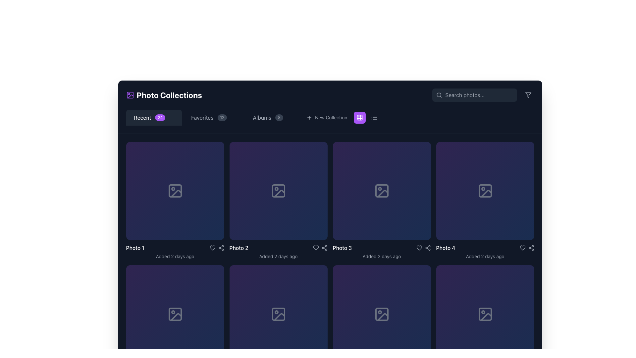  I want to click on information displayed in the Metadata component labeled 'Photo 3' which shows 'Added 2 days ago' beneath it, so click(382, 252).